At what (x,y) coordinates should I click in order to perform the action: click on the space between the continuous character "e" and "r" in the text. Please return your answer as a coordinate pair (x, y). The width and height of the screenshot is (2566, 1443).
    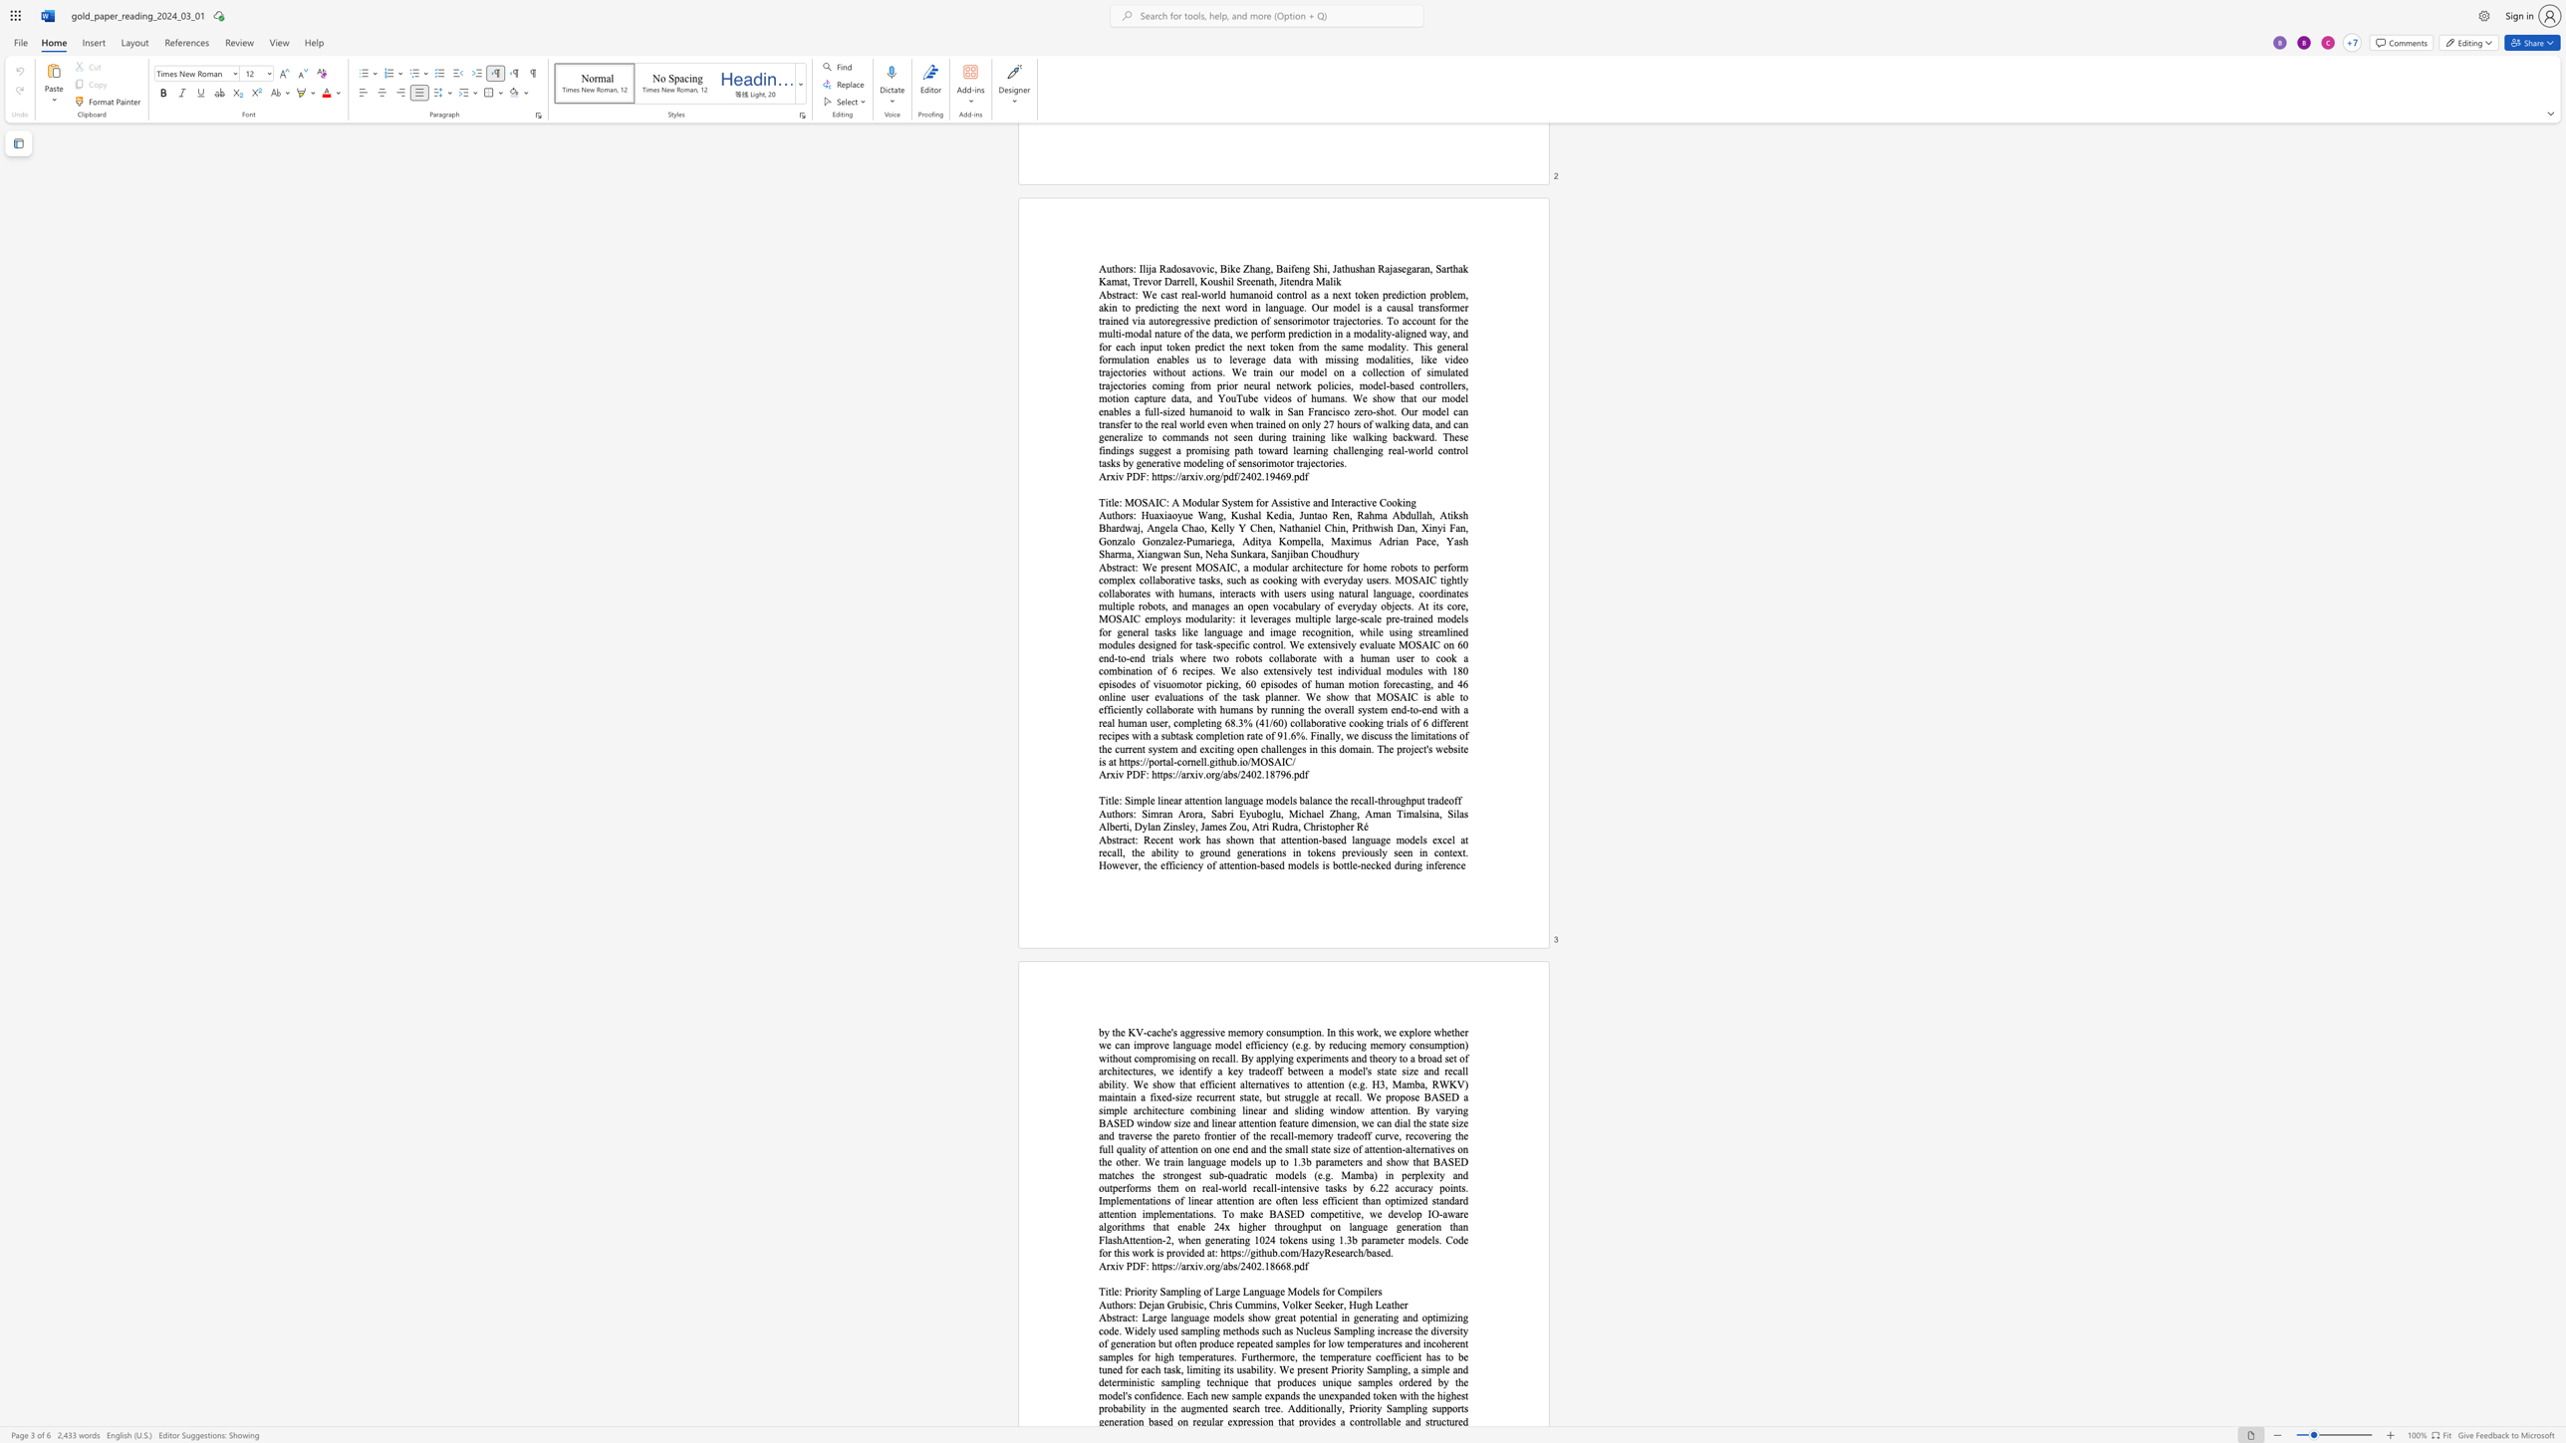
    Looking at the image, I should click on (1374, 1292).